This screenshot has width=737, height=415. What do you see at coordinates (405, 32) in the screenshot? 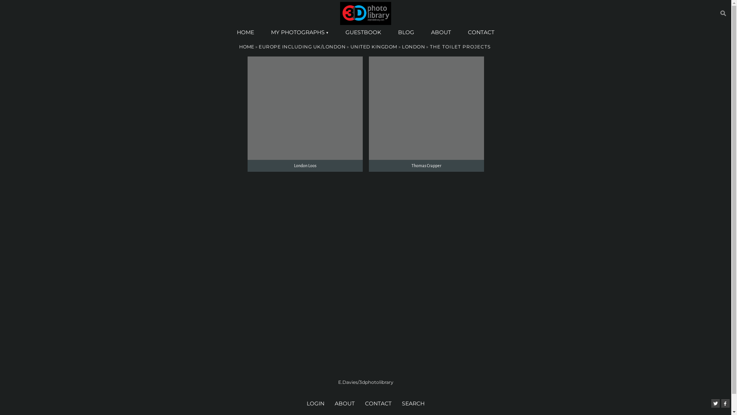
I see `'BLOG'` at bounding box center [405, 32].